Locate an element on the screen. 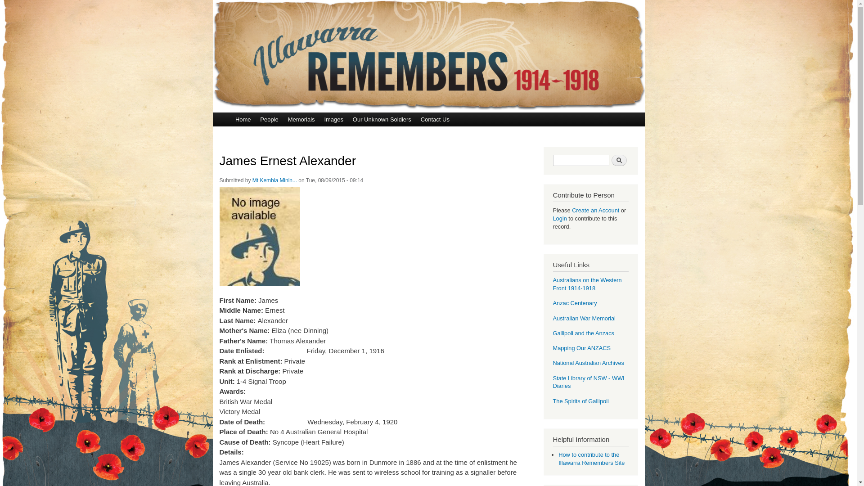 The height and width of the screenshot is (486, 864). 'Search' is located at coordinates (611, 160).